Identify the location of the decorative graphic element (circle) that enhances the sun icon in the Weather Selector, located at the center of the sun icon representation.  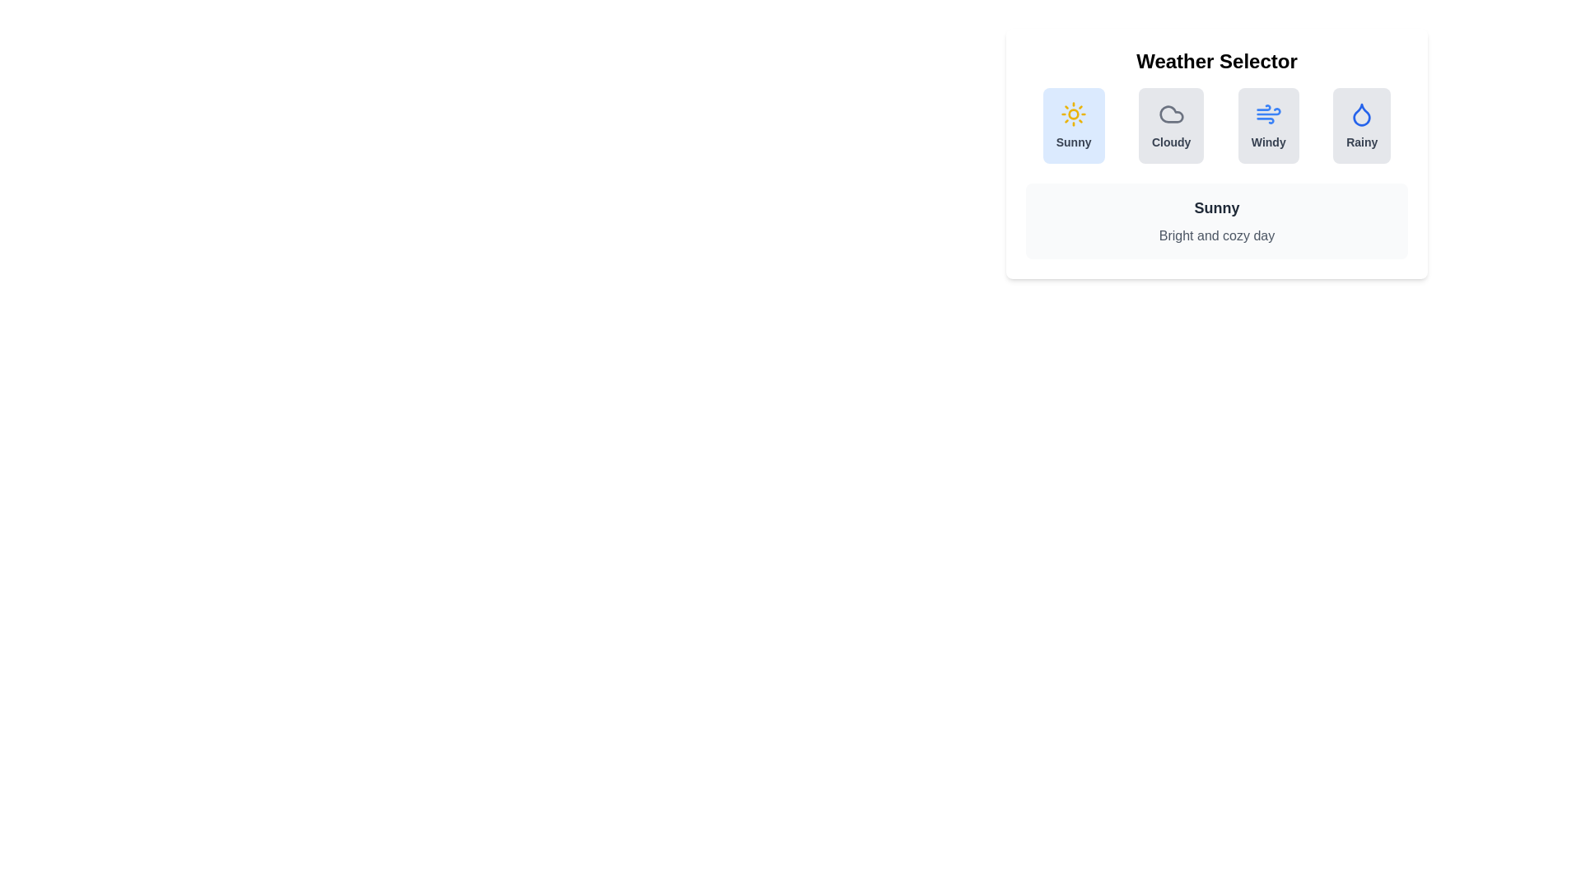
(1074, 113).